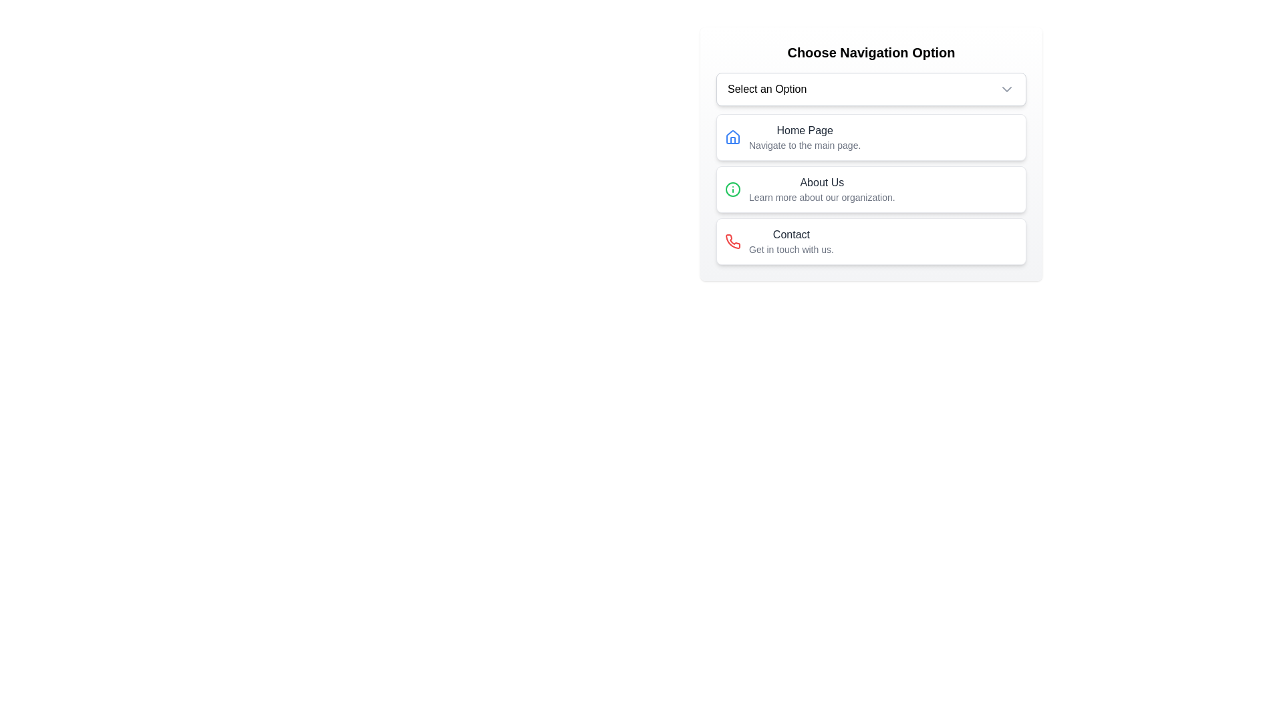  What do you see at coordinates (821, 198) in the screenshot?
I see `the 'About Us' text label that provides a brief description about its section, located directly beneath the 'About Us' title` at bounding box center [821, 198].